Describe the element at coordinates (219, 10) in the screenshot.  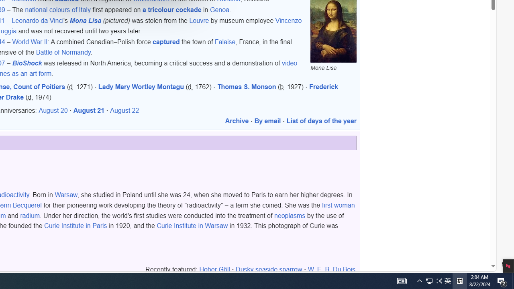
I see `'Genoa'` at that location.